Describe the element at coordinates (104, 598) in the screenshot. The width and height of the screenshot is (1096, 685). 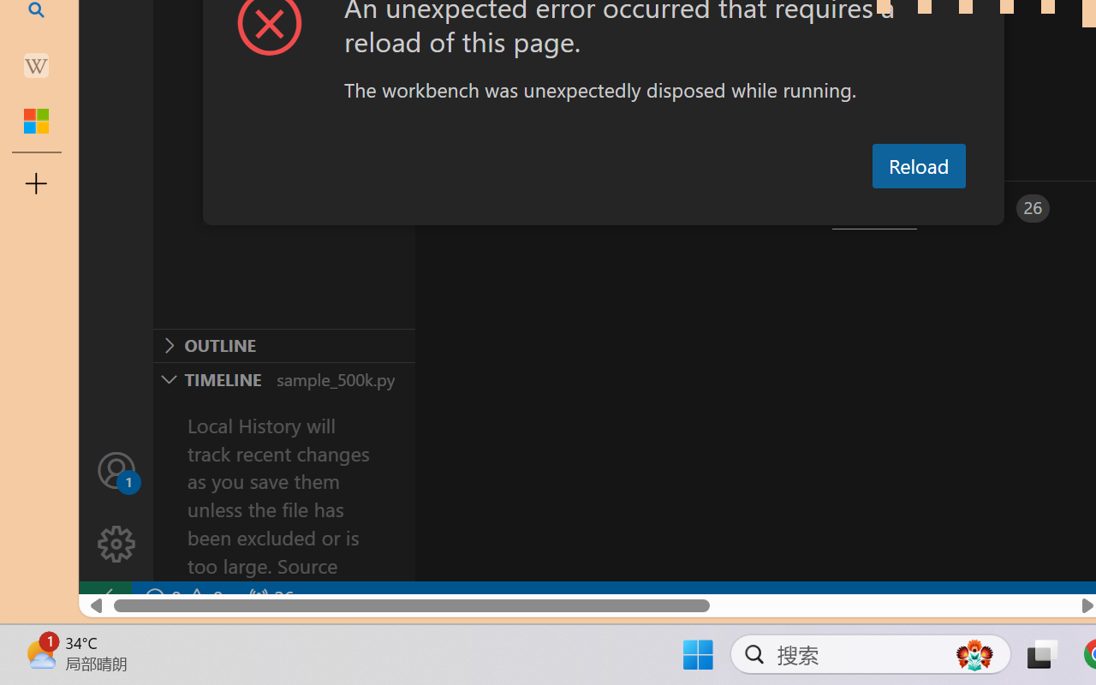
I see `'remote'` at that location.